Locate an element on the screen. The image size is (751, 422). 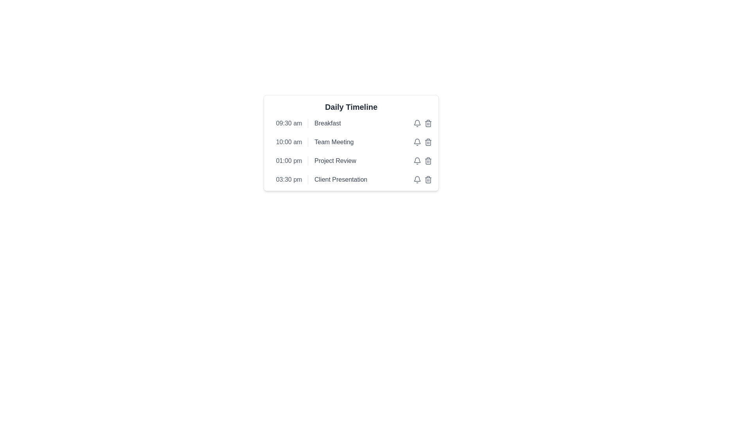
the scheduled event titled 'Client Presentation' at '03:30 pm' in the timeline interface, which is the fourth entry in the vertical list under the 'Daily Timeline' heading is located at coordinates (350, 179).